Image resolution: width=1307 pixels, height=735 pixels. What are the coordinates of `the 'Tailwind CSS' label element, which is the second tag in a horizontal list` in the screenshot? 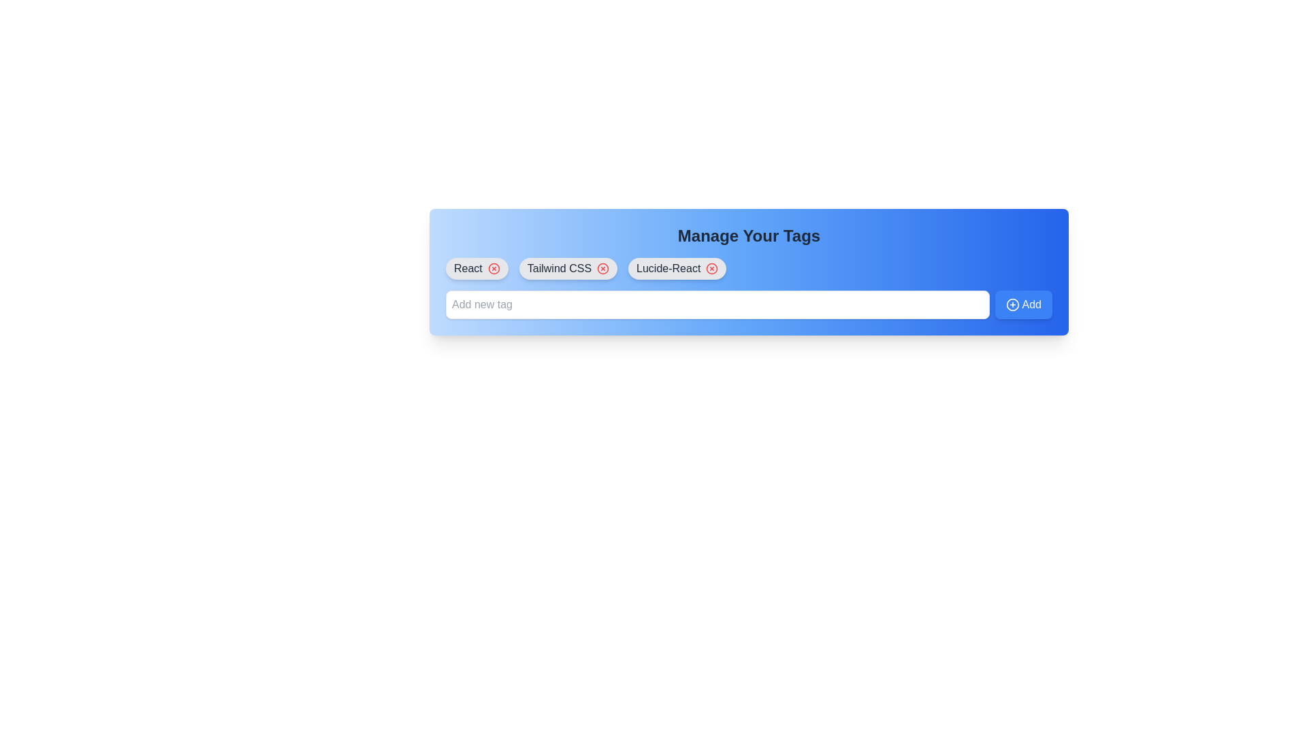 It's located at (559, 268).